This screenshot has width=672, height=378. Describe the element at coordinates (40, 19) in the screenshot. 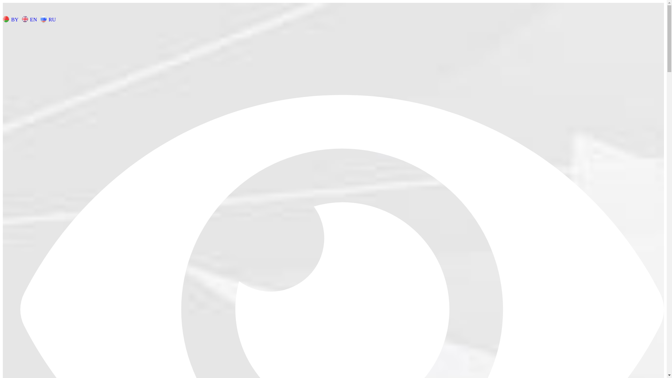

I see `'RU'` at that location.